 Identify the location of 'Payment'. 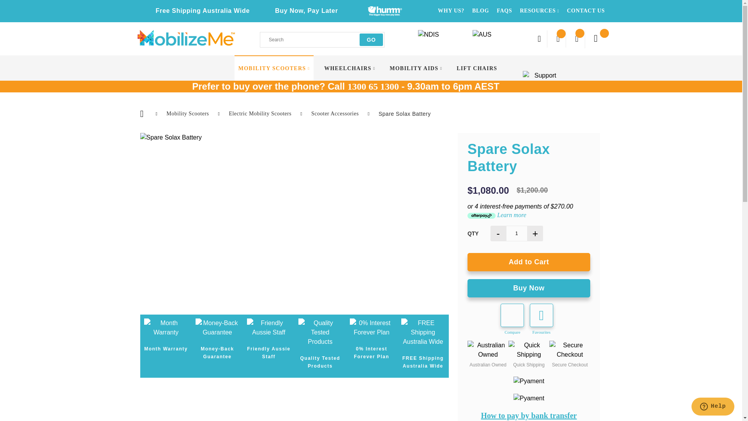
(529, 398).